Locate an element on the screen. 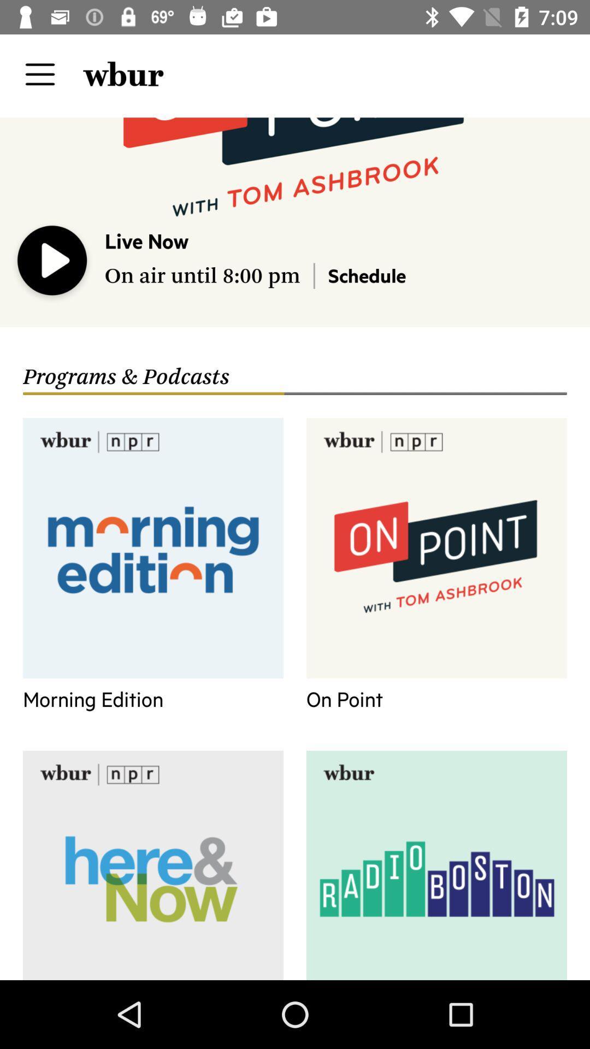  the item next to live now icon is located at coordinates (52, 263).